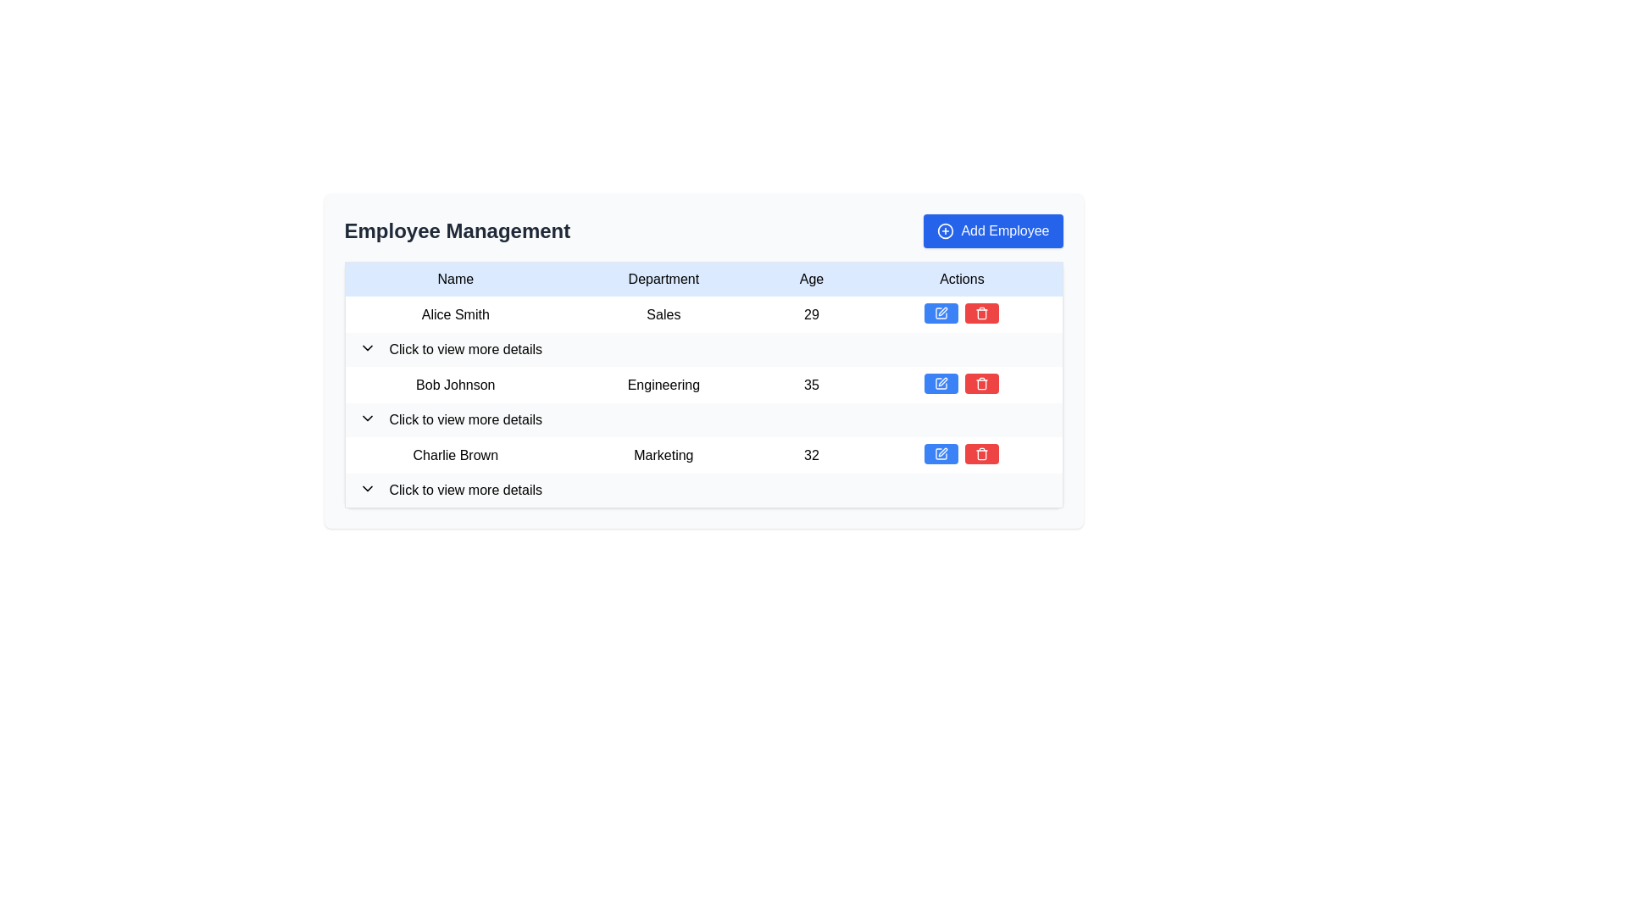 The image size is (1627, 915). Describe the element at coordinates (982, 313) in the screenshot. I see `the delete icon button located in the 'Actions' column of the Employee Management table, specifically the second button in the 'Actions' group` at that location.